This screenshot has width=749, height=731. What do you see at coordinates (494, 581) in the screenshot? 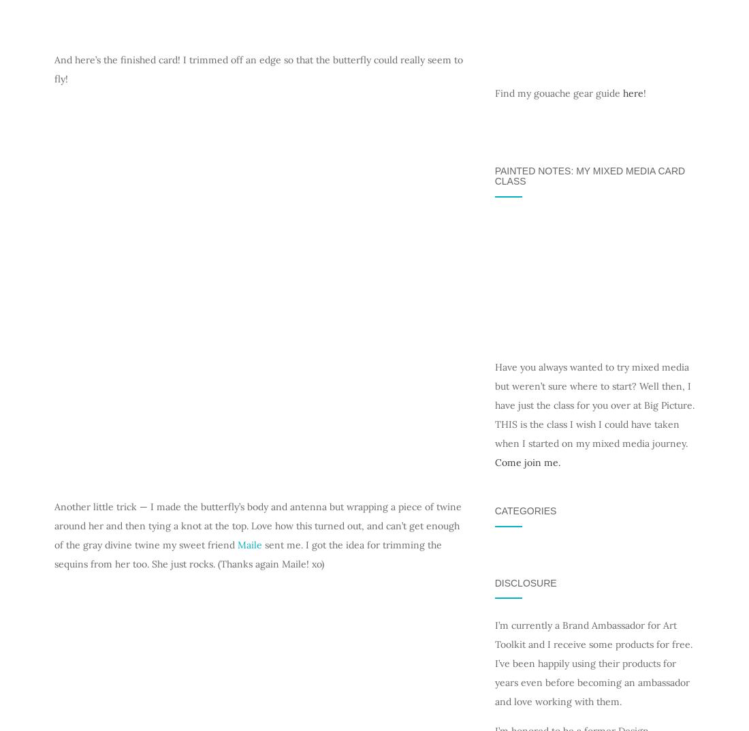
I see `'Disclosure'` at bounding box center [494, 581].